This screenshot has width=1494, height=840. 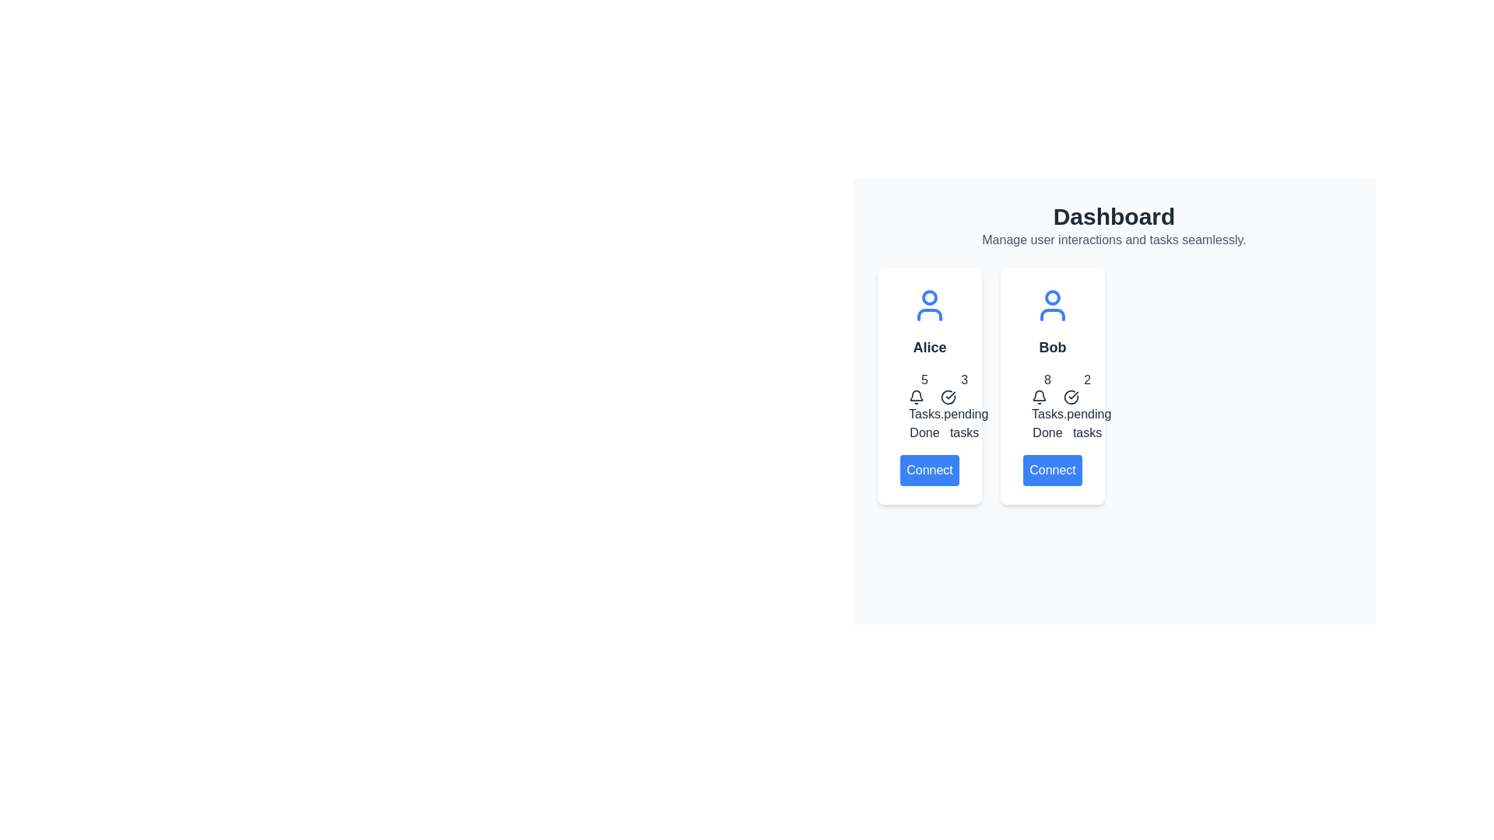 What do you see at coordinates (1053, 306) in the screenshot?
I see `the blue user icon located at the top of the 'Bob' card in the 'Dashboard' section` at bounding box center [1053, 306].